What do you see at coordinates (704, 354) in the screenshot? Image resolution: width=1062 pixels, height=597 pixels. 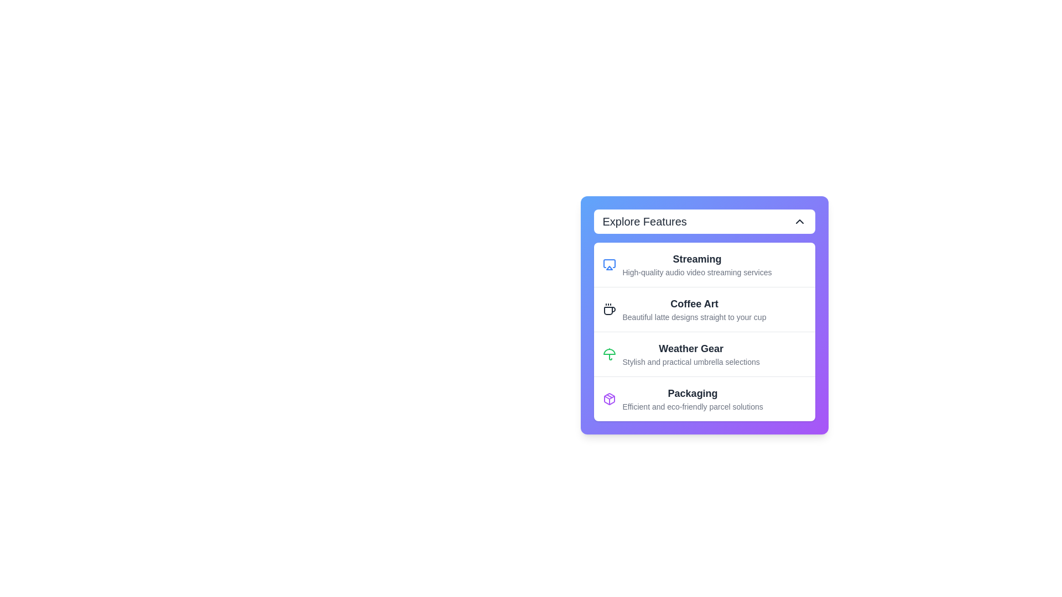 I see `the 'Weather Gear' navigation option, which features a green umbrella icon followed by the text 'Weather Gear' and a description below it` at bounding box center [704, 354].